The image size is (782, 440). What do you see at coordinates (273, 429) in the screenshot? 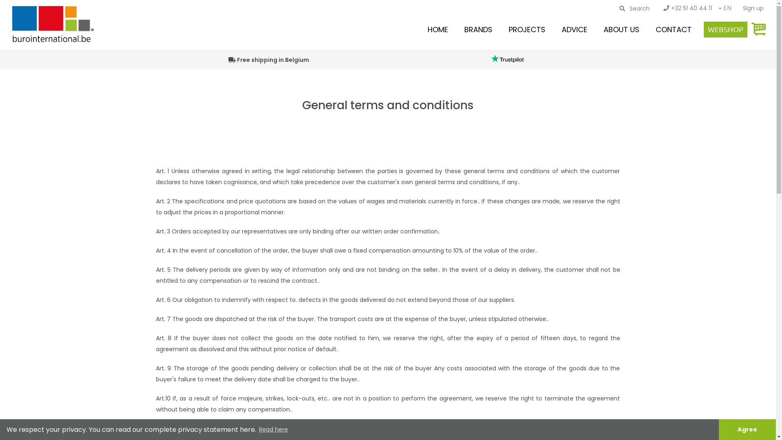
I see `'Read here'` at bounding box center [273, 429].